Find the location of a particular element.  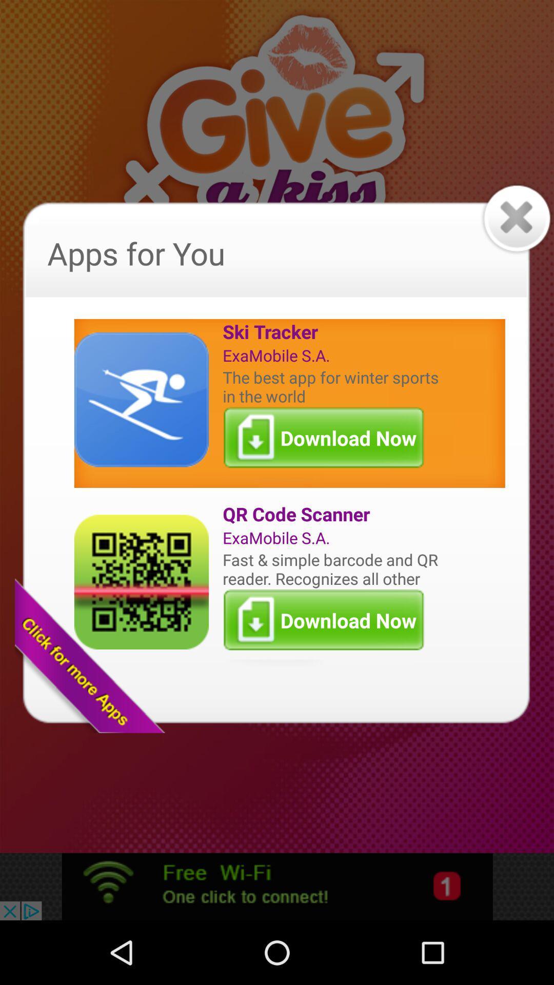

ski tracker item is located at coordinates (333, 331).